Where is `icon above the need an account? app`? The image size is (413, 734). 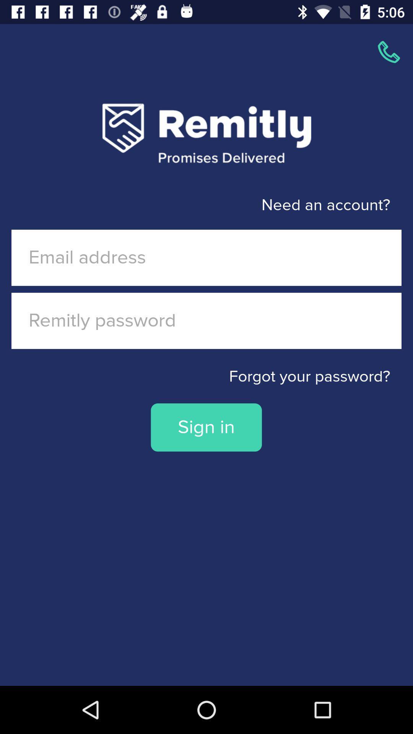 icon above the need an account? app is located at coordinates (389, 52).